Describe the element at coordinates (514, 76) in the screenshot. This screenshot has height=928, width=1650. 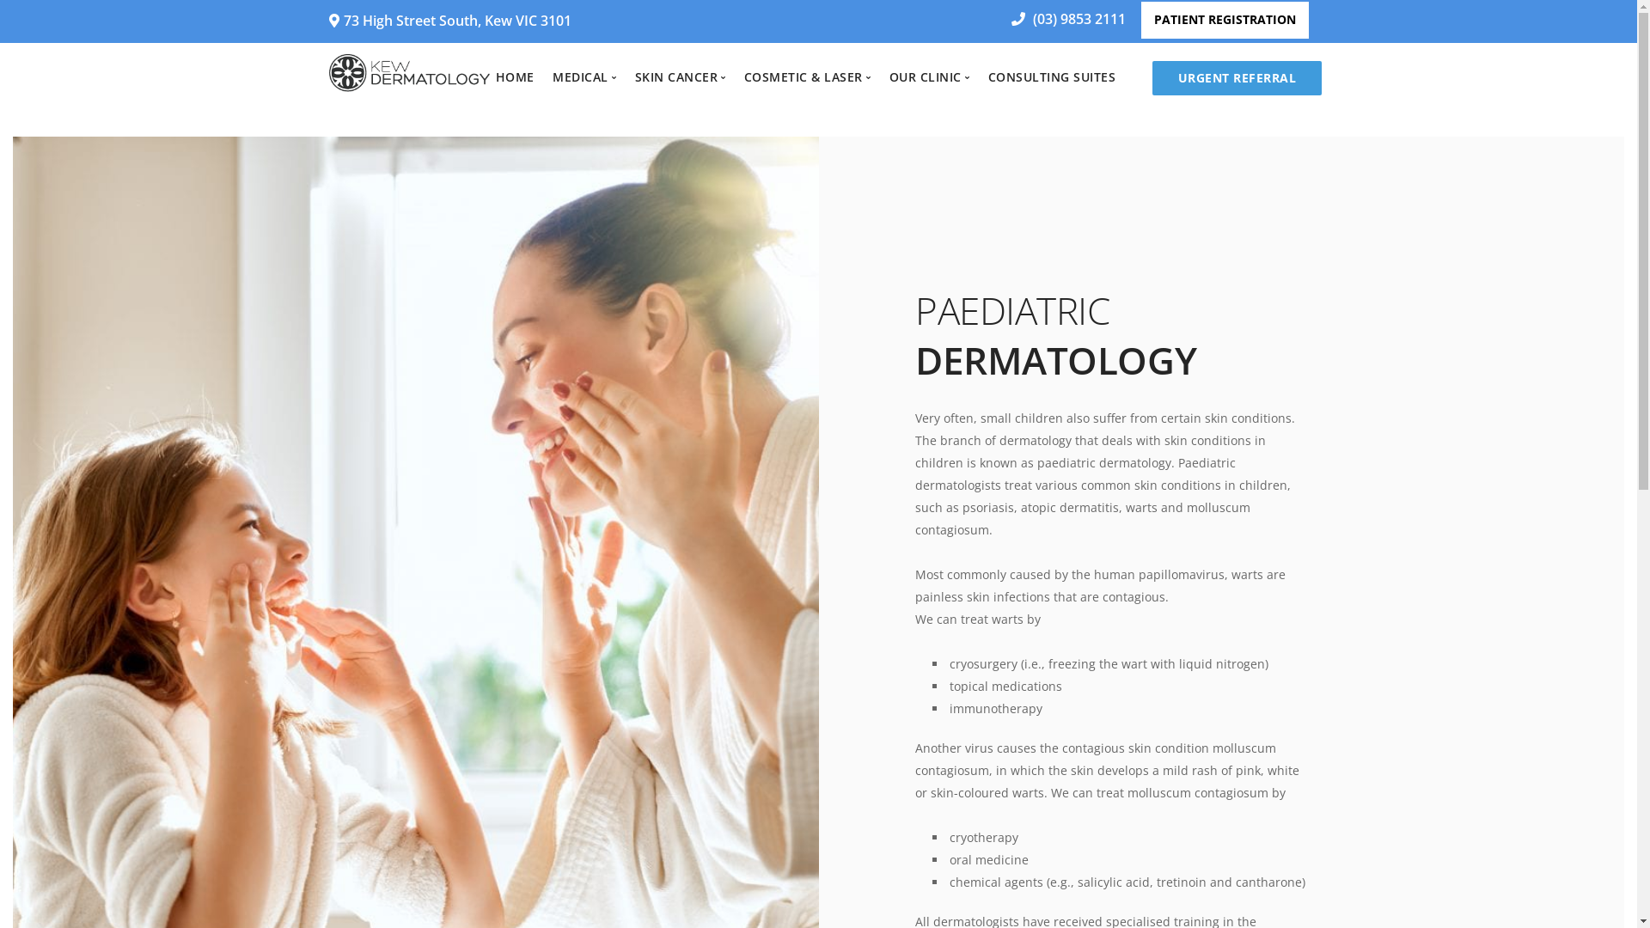
I see `'HOME'` at that location.